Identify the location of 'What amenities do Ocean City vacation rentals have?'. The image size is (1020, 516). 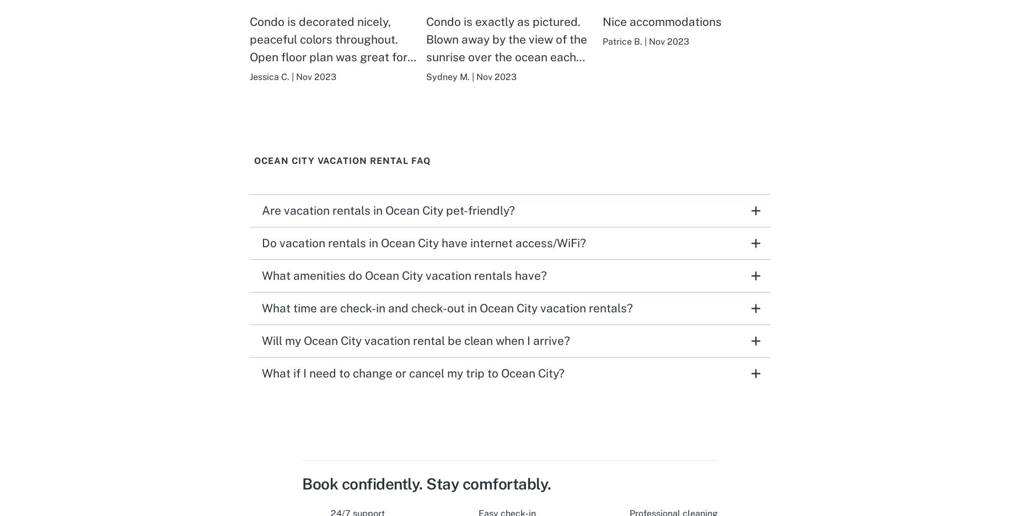
(262, 275).